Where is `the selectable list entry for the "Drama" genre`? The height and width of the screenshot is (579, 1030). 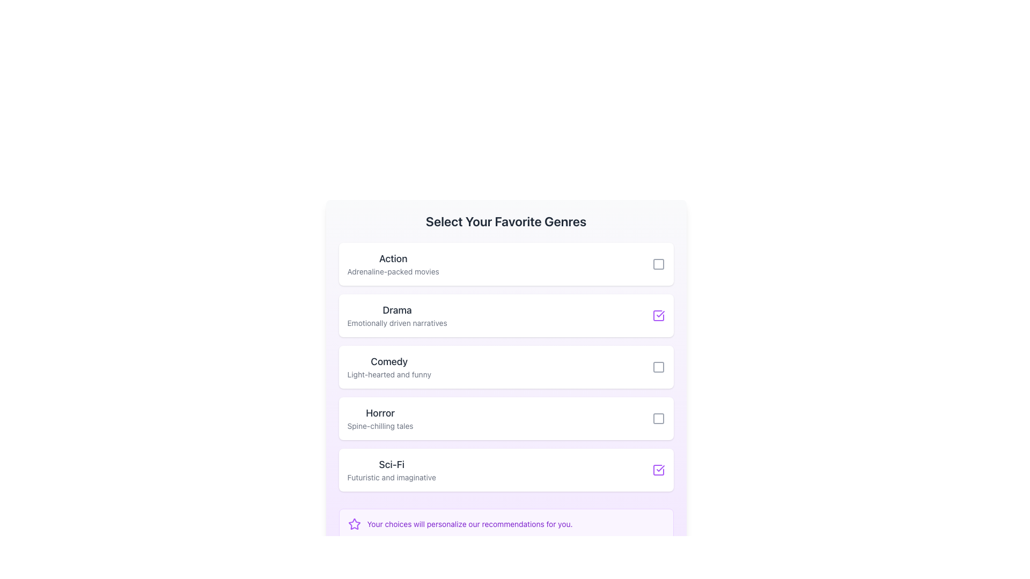
the selectable list entry for the "Drama" genre is located at coordinates (505, 315).